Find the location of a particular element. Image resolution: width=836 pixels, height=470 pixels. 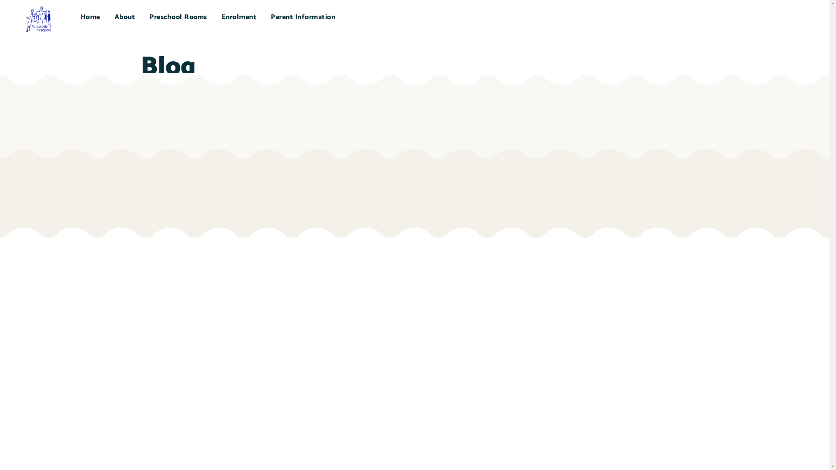

'Parent Information' is located at coordinates (303, 17).